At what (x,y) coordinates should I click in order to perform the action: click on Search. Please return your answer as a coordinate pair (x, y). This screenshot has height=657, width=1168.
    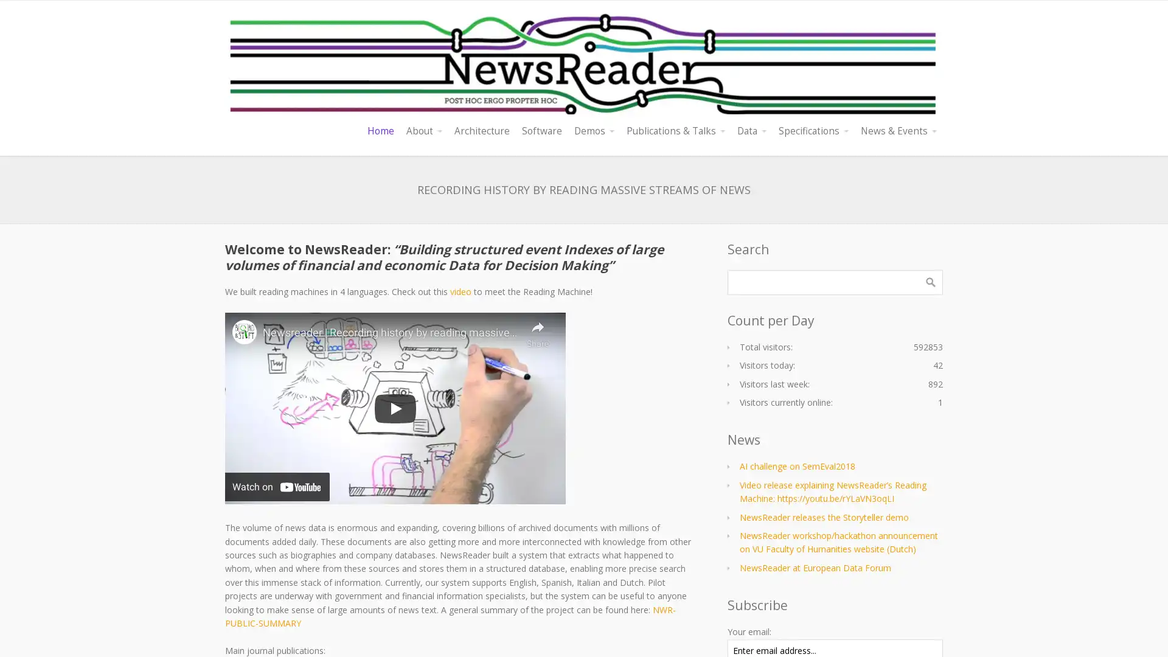
    Looking at the image, I should click on (930, 282).